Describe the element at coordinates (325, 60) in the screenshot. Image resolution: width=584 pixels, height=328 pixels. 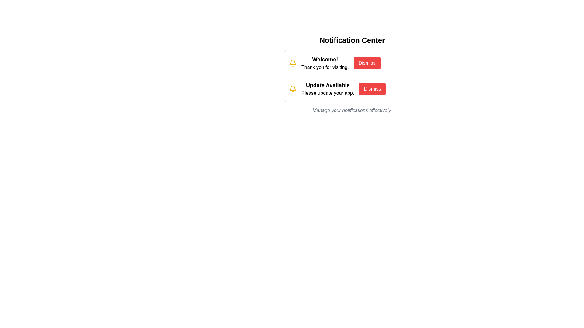
I see `the bold, large-sized text 'Welcome!' which is positioned at the top of a section within a card-like notification format` at that location.